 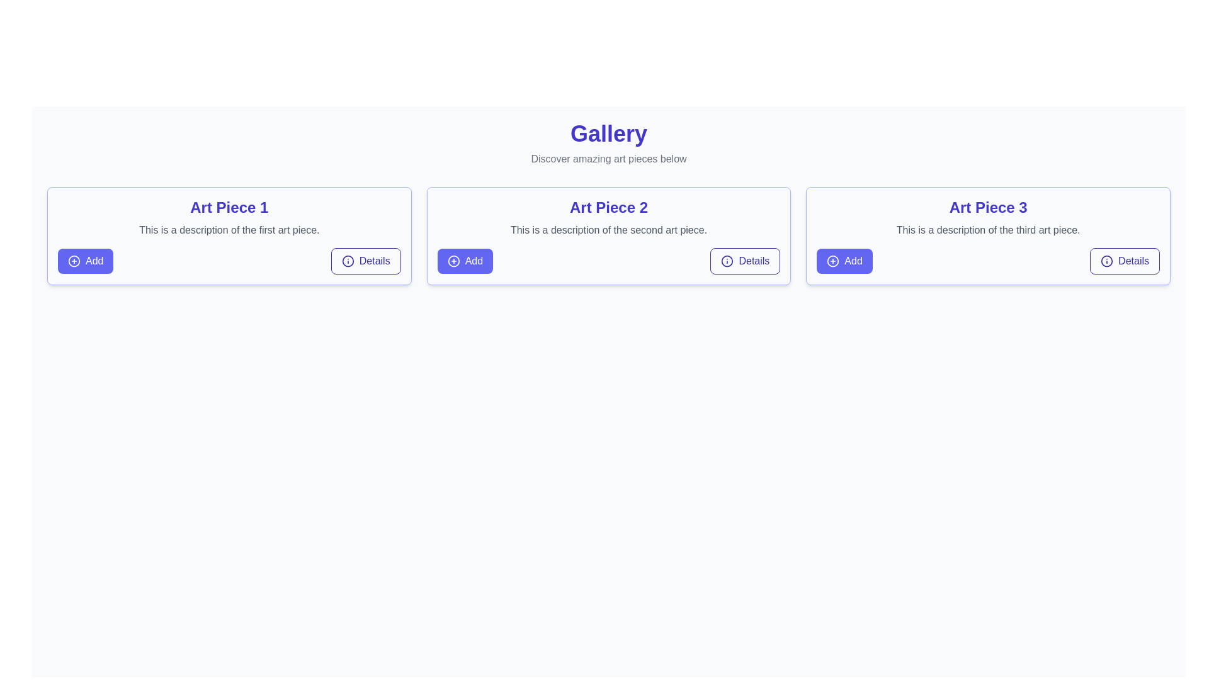 What do you see at coordinates (464, 261) in the screenshot?
I see `the button located in the bottom-left corner of the card titled 'Art Piece 2'` at bounding box center [464, 261].